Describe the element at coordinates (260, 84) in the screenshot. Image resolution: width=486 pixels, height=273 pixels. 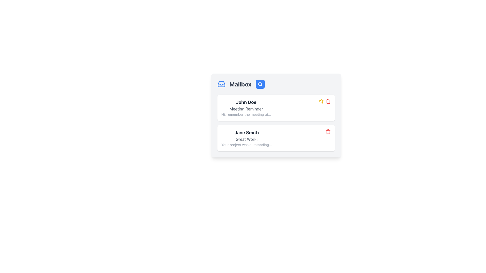
I see `the small blue button styled as a magnifying glass icon, representing the search feature, located to the right of the 'Mailbox' text in the header` at that location.